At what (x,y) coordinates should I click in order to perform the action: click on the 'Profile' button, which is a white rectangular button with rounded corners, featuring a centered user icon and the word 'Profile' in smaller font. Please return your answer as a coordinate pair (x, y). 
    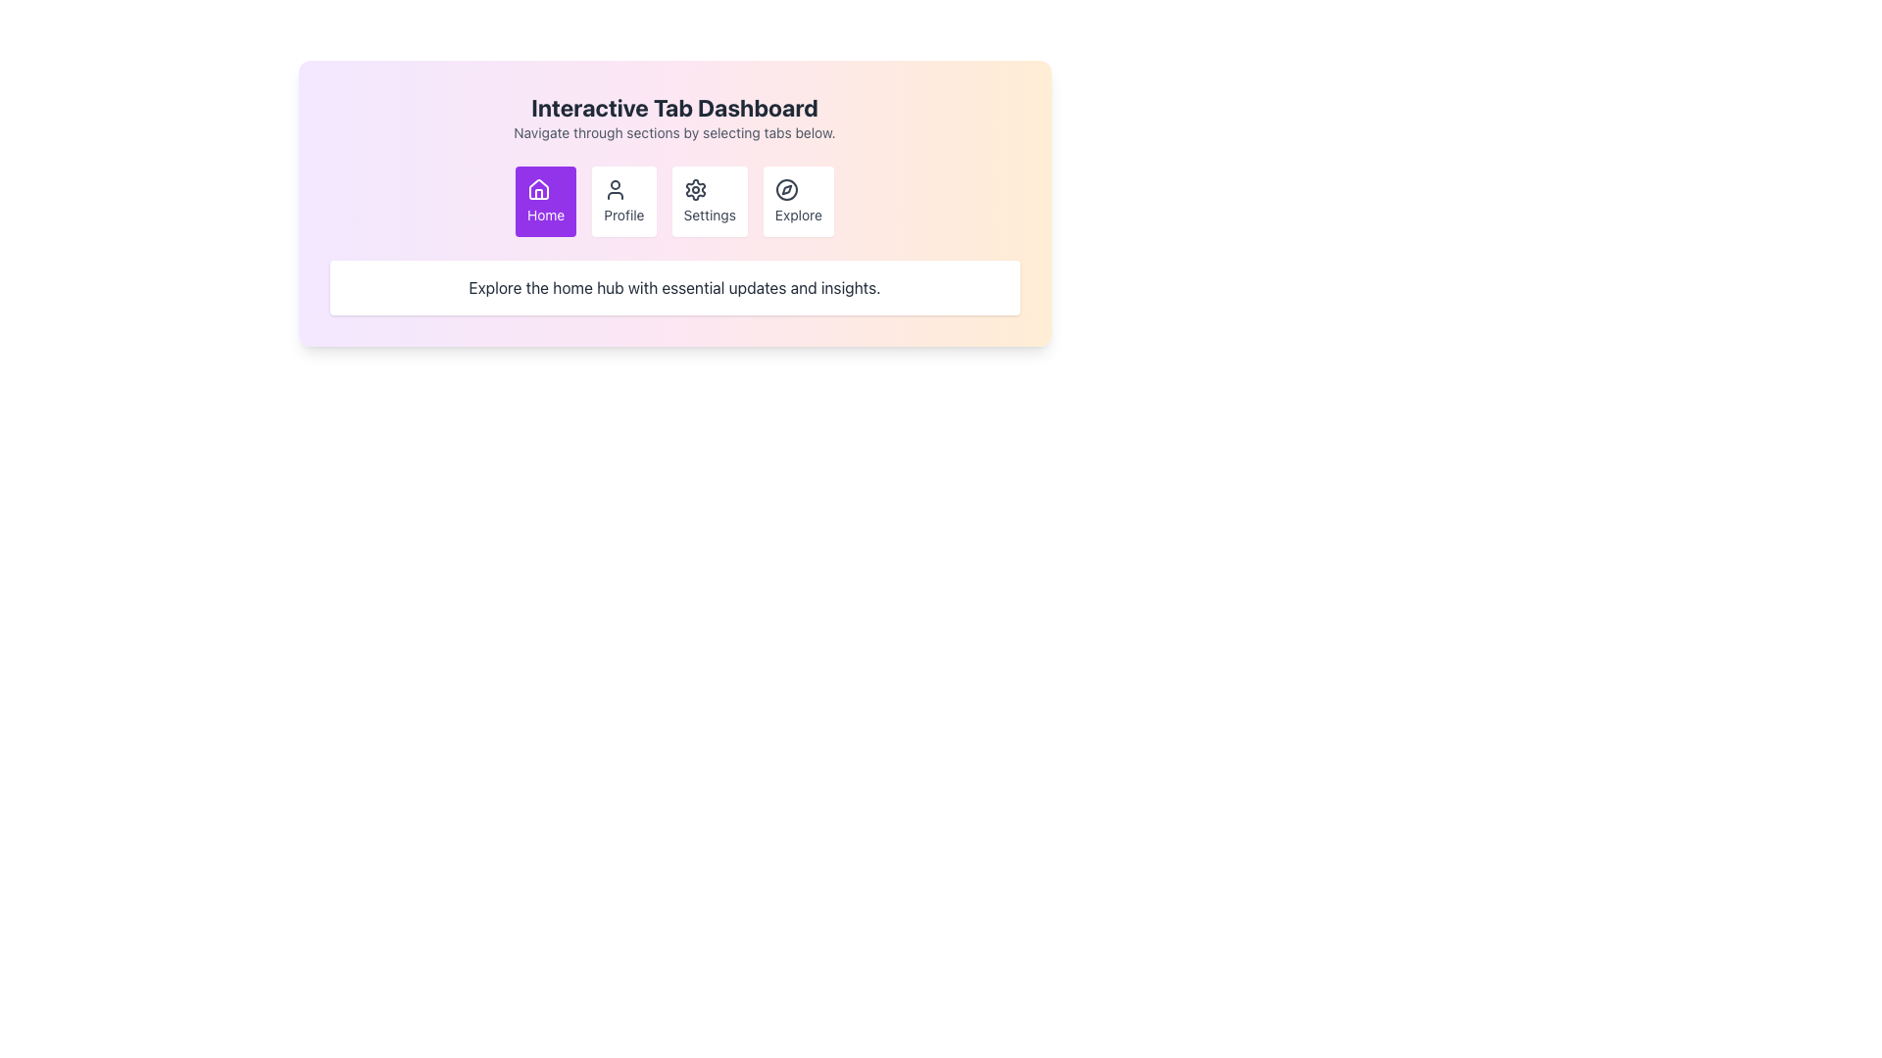
    Looking at the image, I should click on (622, 201).